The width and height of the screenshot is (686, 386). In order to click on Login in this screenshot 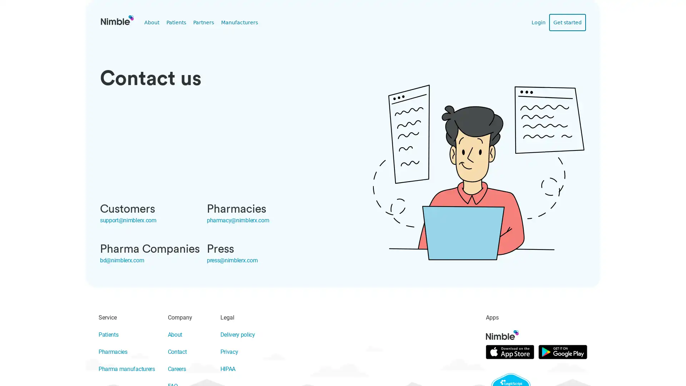, I will do `click(542, 21)`.